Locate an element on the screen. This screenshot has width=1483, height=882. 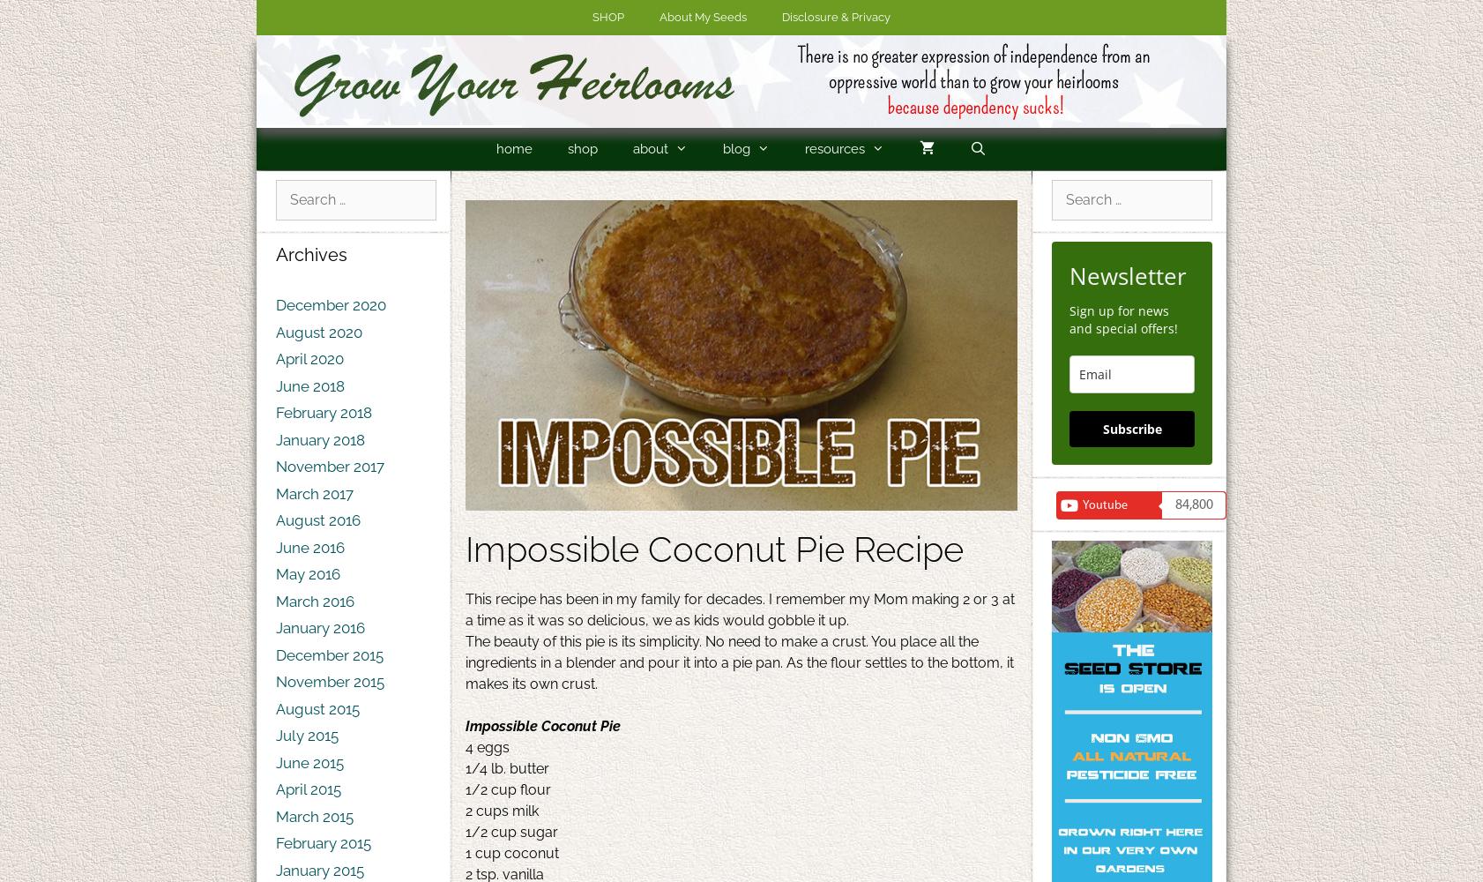
'May 2016' is located at coordinates (307, 574).